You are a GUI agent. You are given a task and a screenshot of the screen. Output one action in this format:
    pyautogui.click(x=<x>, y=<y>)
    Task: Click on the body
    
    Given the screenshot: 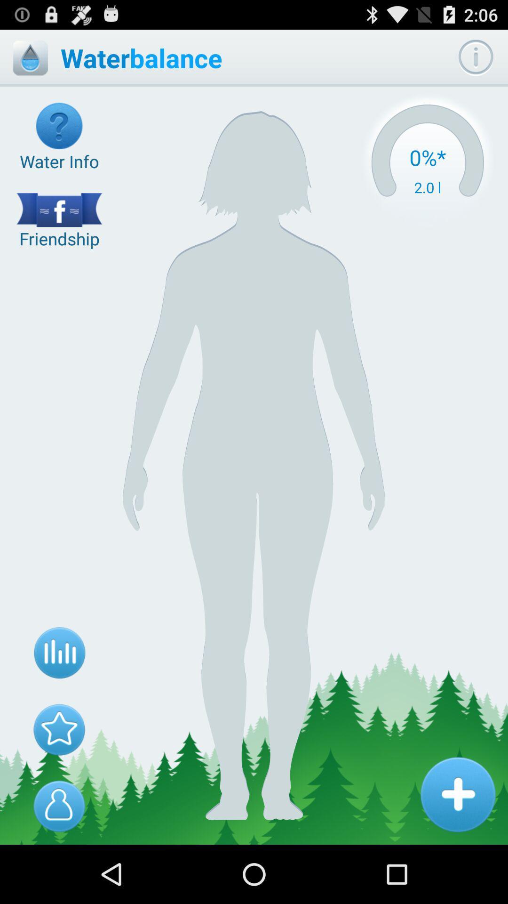 What is the action you would take?
    pyautogui.click(x=59, y=806)
    